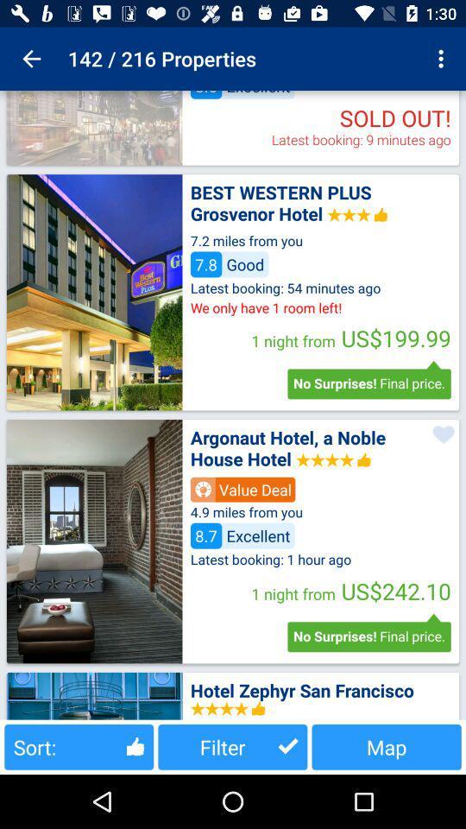 The height and width of the screenshot is (829, 466). I want to click on item to the left of 142 / 216 properties app, so click(31, 59).